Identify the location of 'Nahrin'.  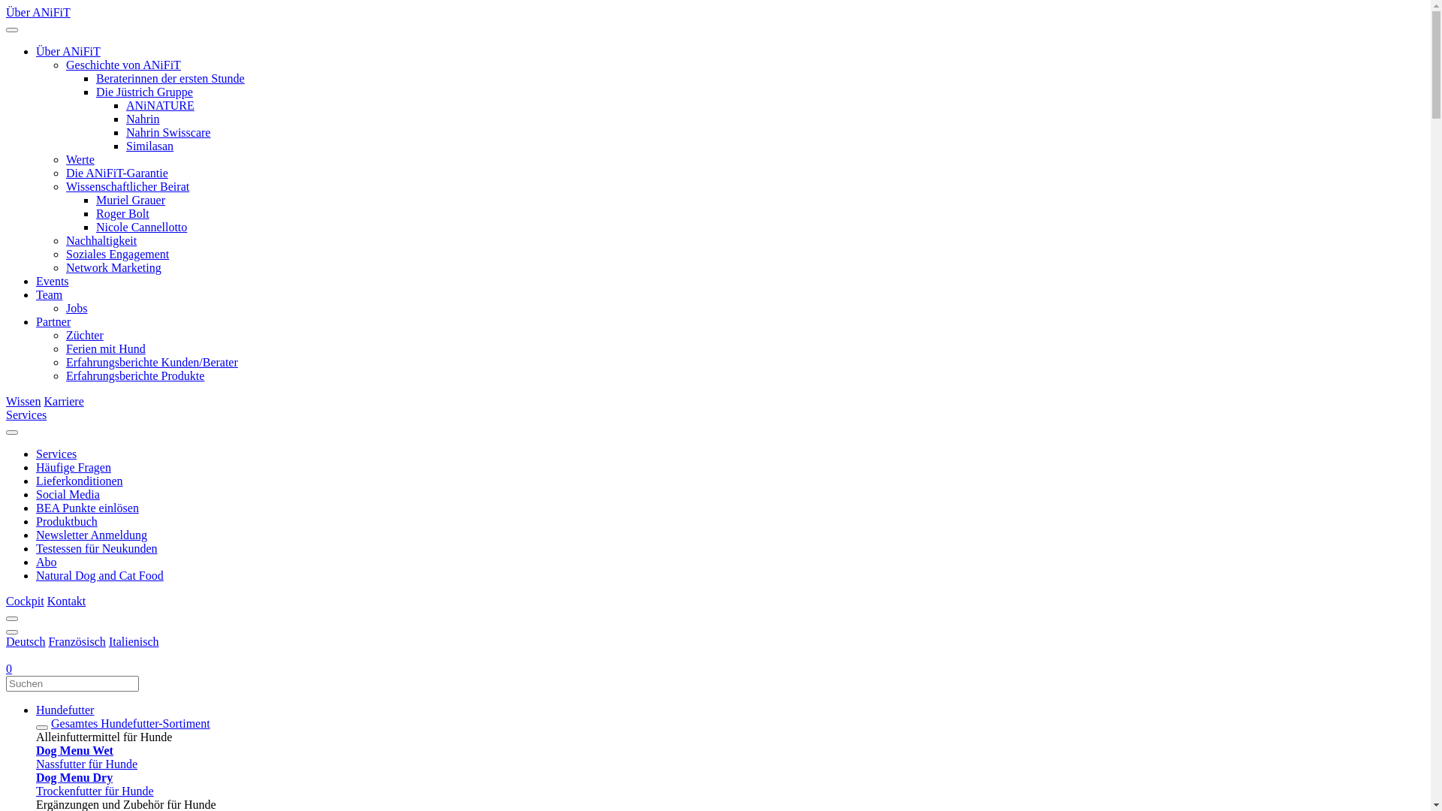
(126, 118).